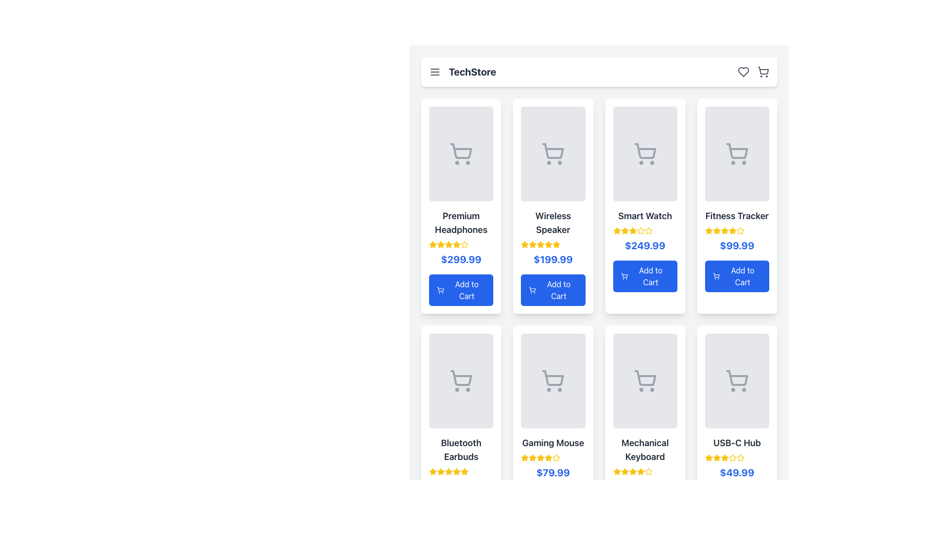 Image resolution: width=948 pixels, height=533 pixels. Describe the element at coordinates (540, 458) in the screenshot. I see `the fourth star icon in the 5-star rating system` at that location.